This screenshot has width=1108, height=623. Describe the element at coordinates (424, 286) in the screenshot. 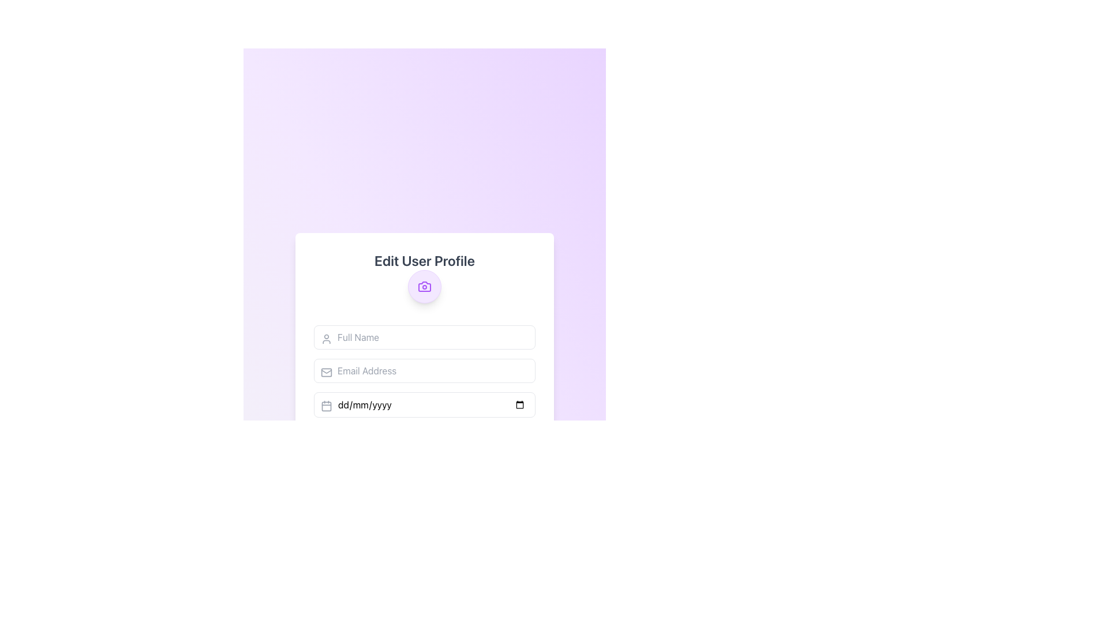

I see `the camera icon for uploading or managing a user profile picture, which is located in a circular purple button above the form fields in the 'Edit User Profile' section` at that location.